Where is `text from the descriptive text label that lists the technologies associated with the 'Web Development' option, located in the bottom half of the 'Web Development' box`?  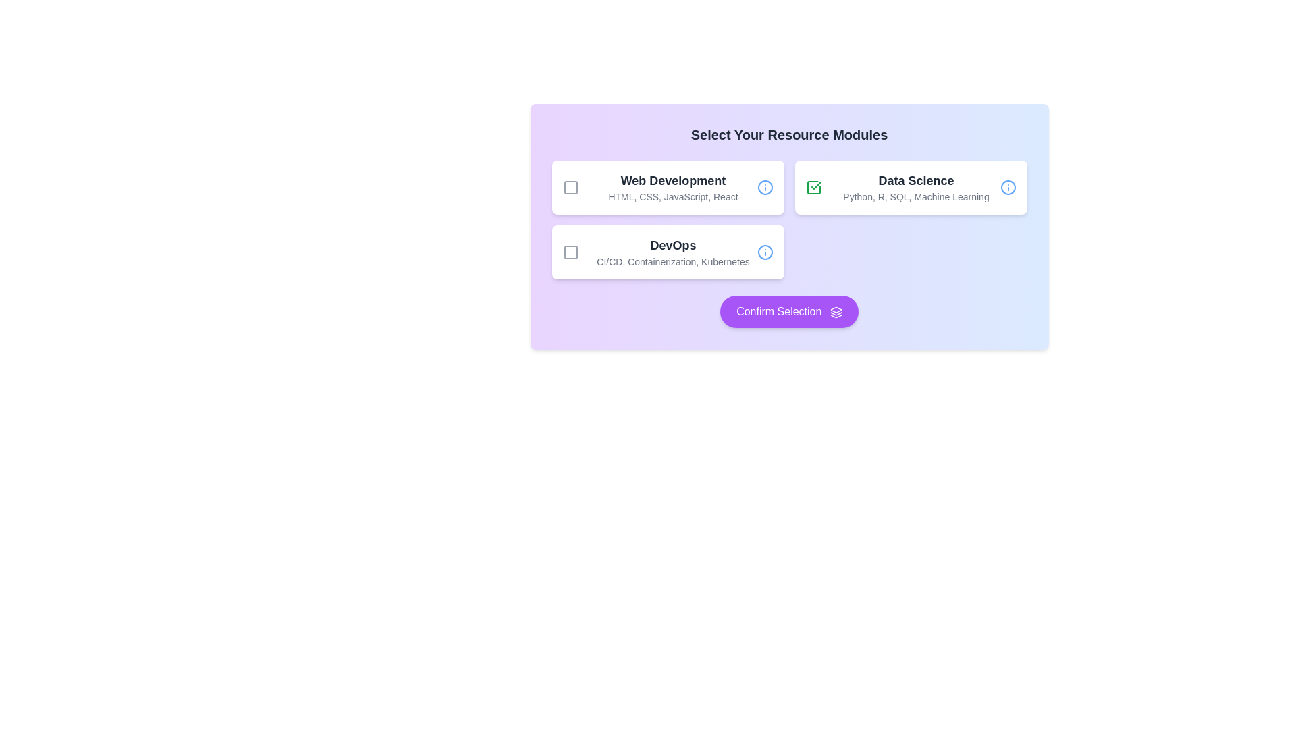
text from the descriptive text label that lists the technologies associated with the 'Web Development' option, located in the bottom half of the 'Web Development' box is located at coordinates (673, 197).